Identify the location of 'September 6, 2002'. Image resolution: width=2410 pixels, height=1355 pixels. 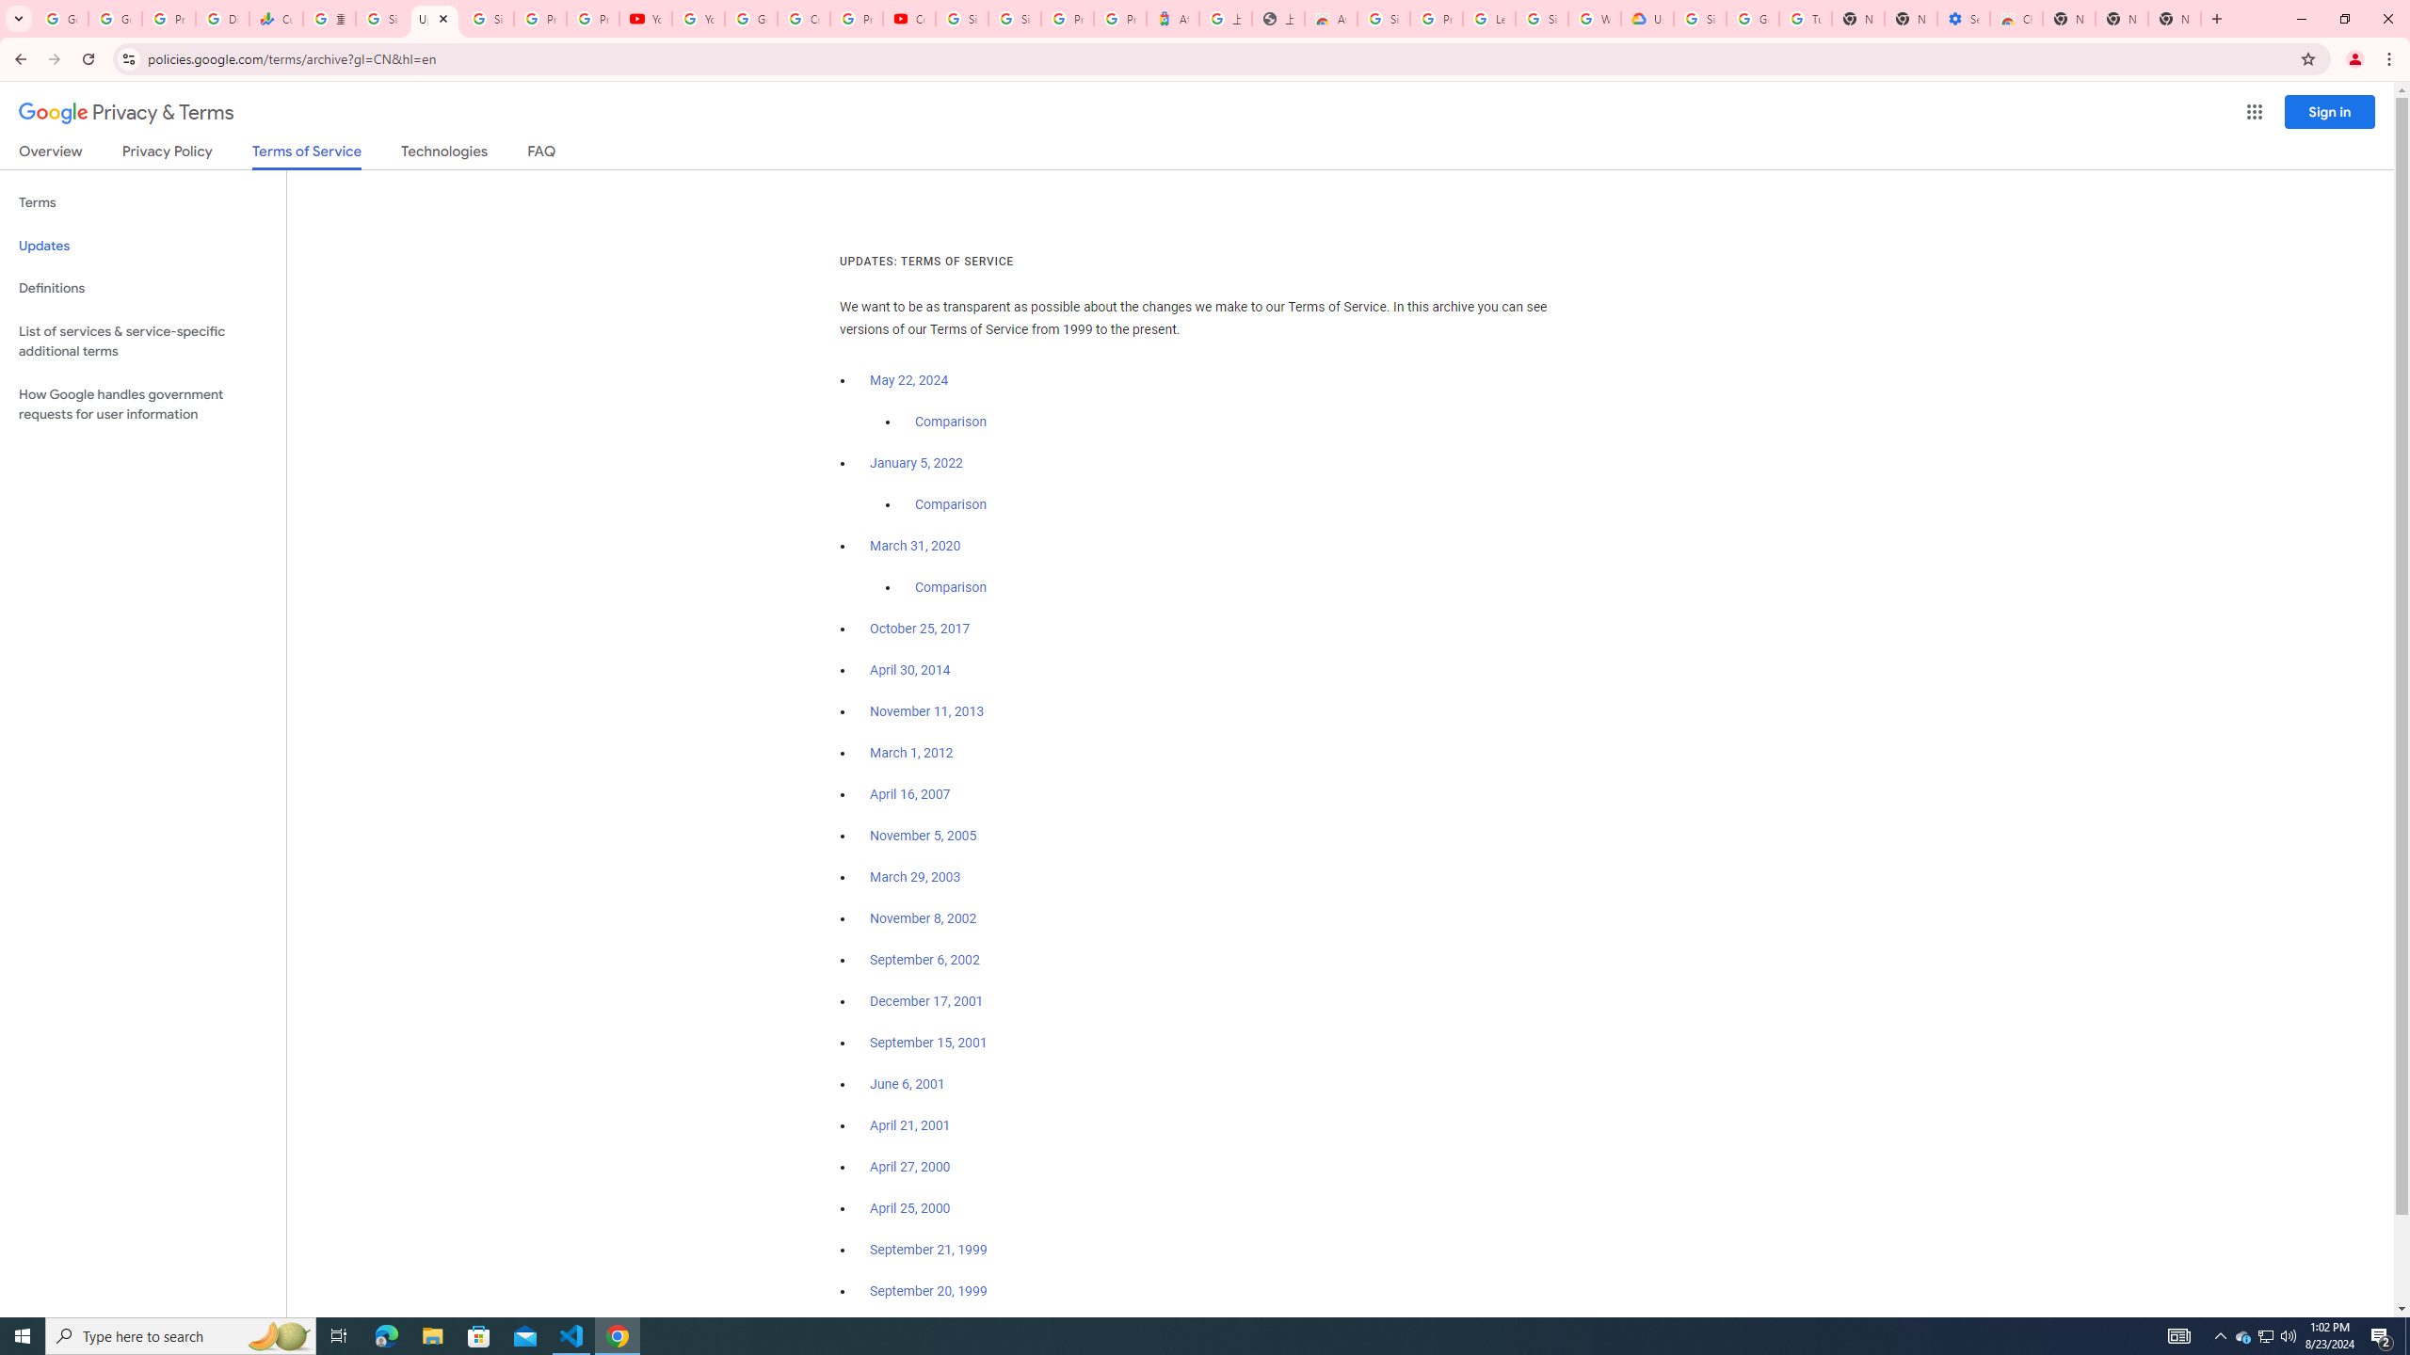
(924, 959).